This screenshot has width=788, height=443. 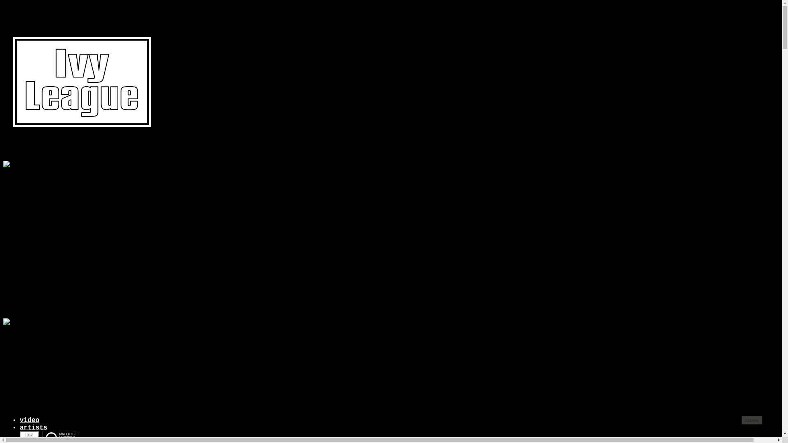 What do you see at coordinates (33, 427) in the screenshot?
I see `'artists'` at bounding box center [33, 427].